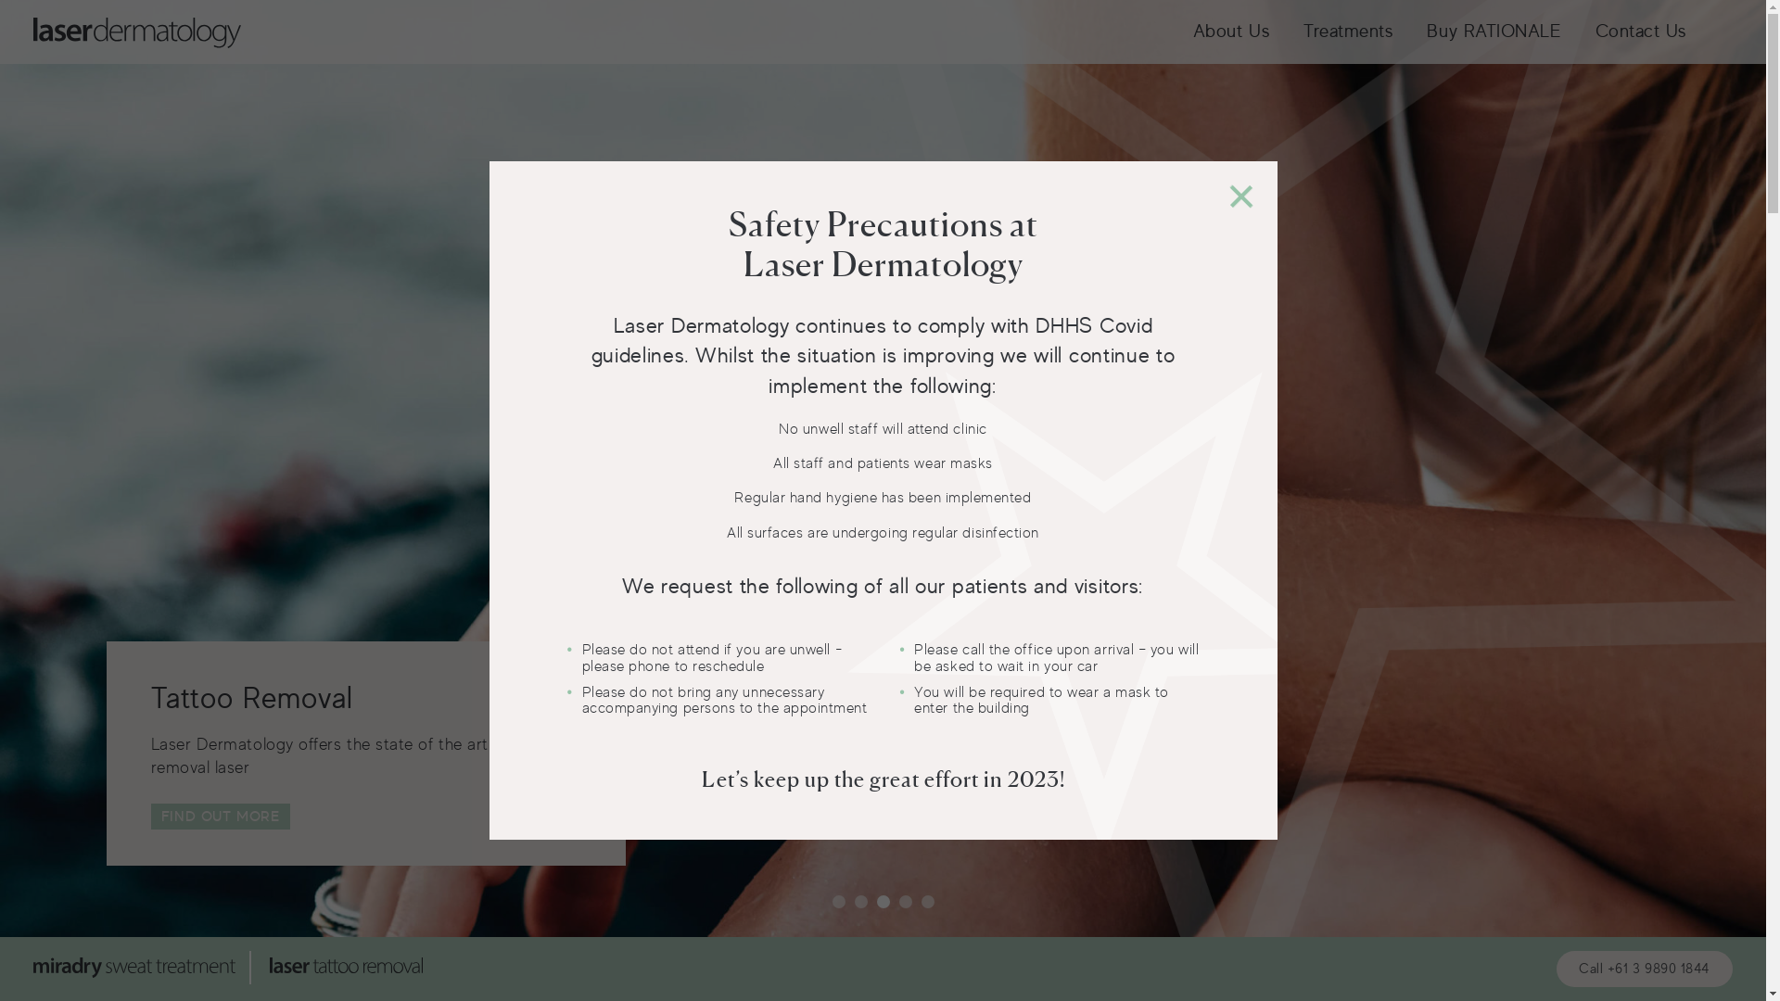  What do you see at coordinates (1645, 968) in the screenshot?
I see `'Call +61 3 9890 1844'` at bounding box center [1645, 968].